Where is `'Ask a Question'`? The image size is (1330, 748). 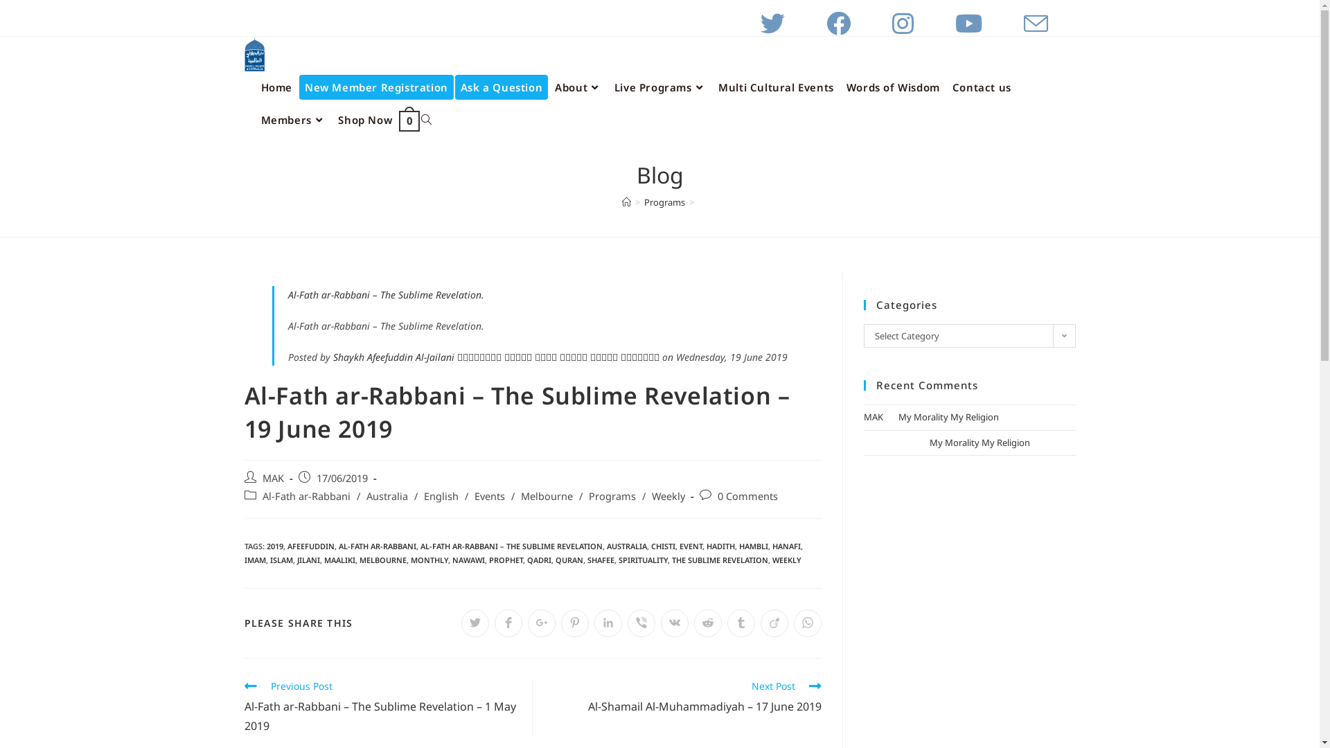
'Ask a Question' is located at coordinates (501, 87).